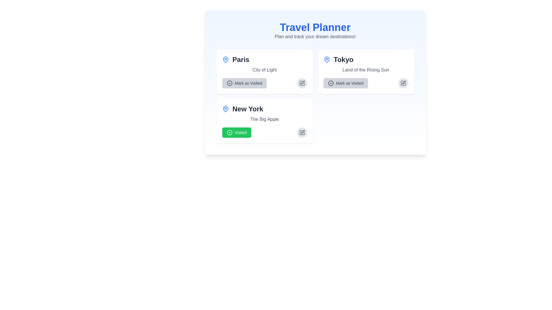  Describe the element at coordinates (403, 83) in the screenshot. I see `the circular button with a light gray background and a pen icon located in the top-right corner of the 'Mark as Visited' section for 'Tokyo'` at that location.